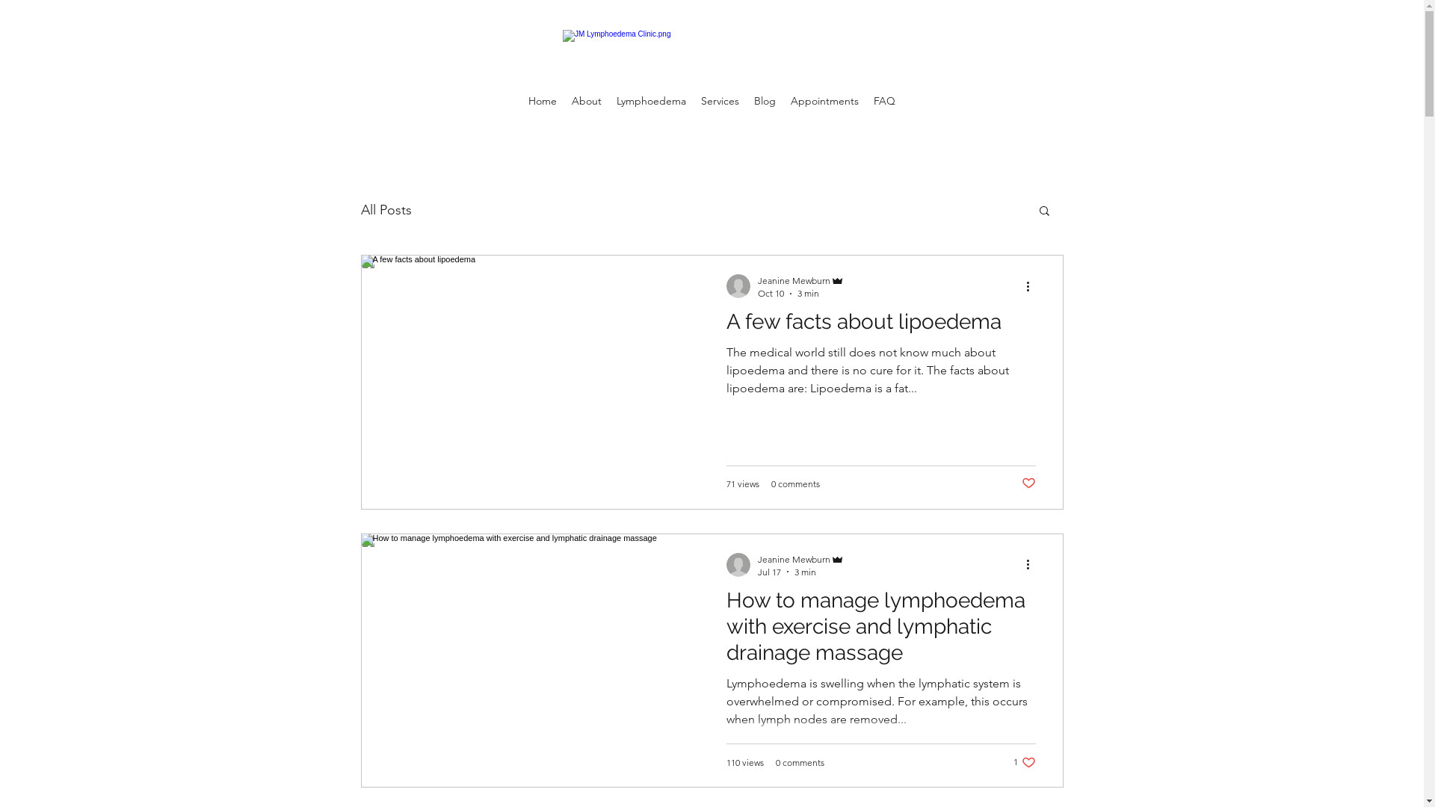 This screenshot has width=1435, height=807. Describe the element at coordinates (865, 101) in the screenshot. I see `'FAQ'` at that location.